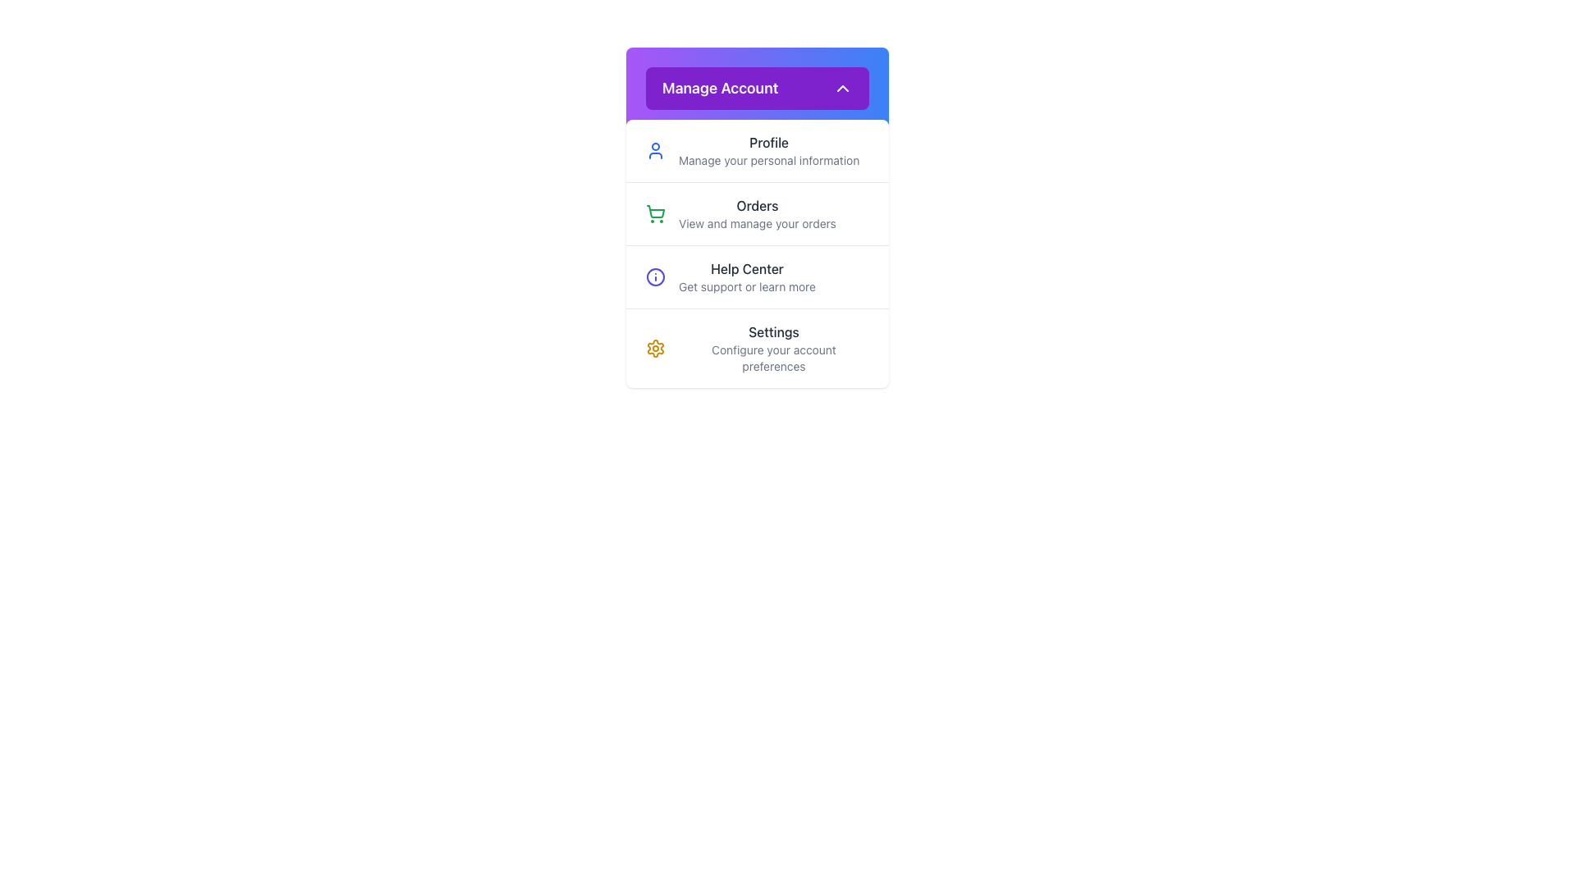 The image size is (1576, 886). What do you see at coordinates (756, 276) in the screenshot?
I see `the 'Help Center' menu item, which is the third item in the 'Manage Account' section, featuring bold text and a purple circular information icon` at bounding box center [756, 276].